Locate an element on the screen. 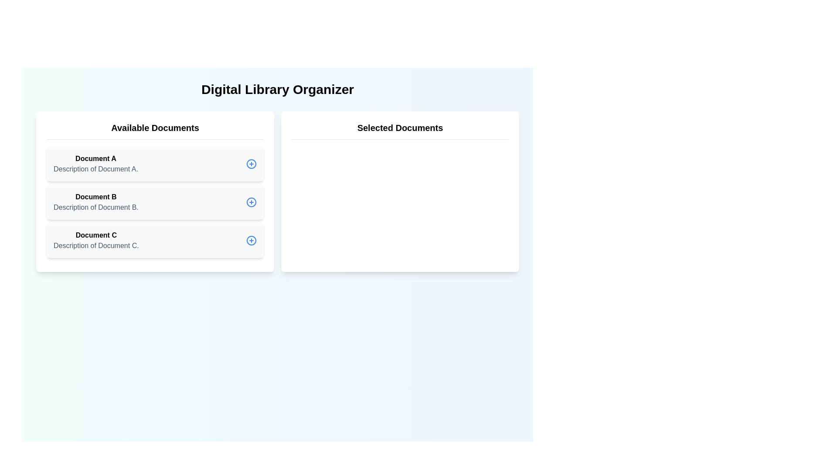  text content located in the second row under the 'Available Documents' section, directly below the title 'Document B.' is located at coordinates (96, 208).